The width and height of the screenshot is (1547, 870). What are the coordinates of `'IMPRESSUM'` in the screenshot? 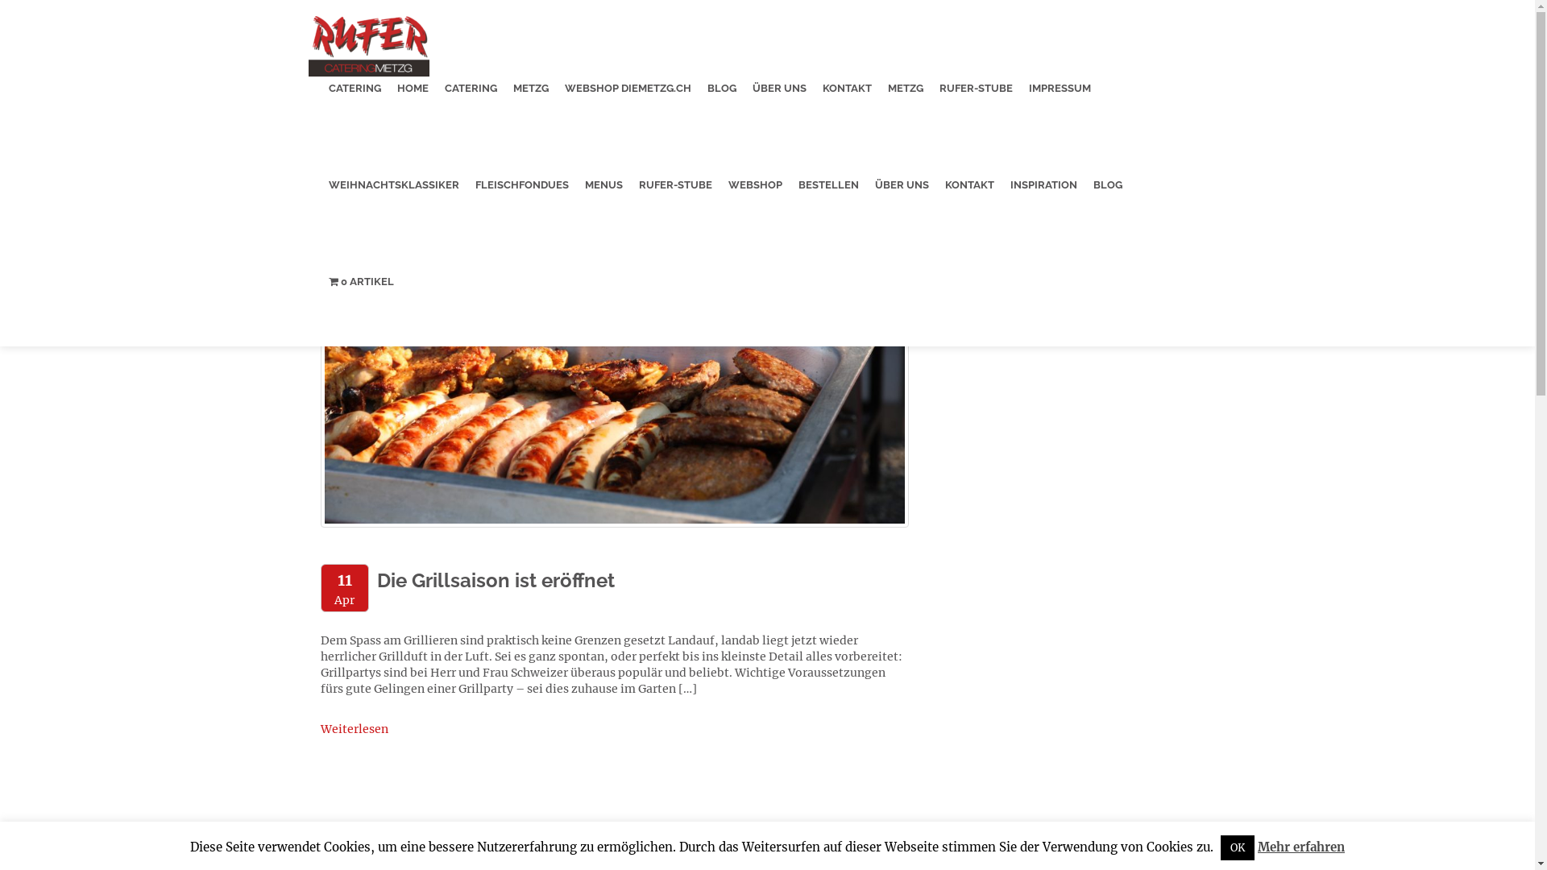 It's located at (1059, 89).